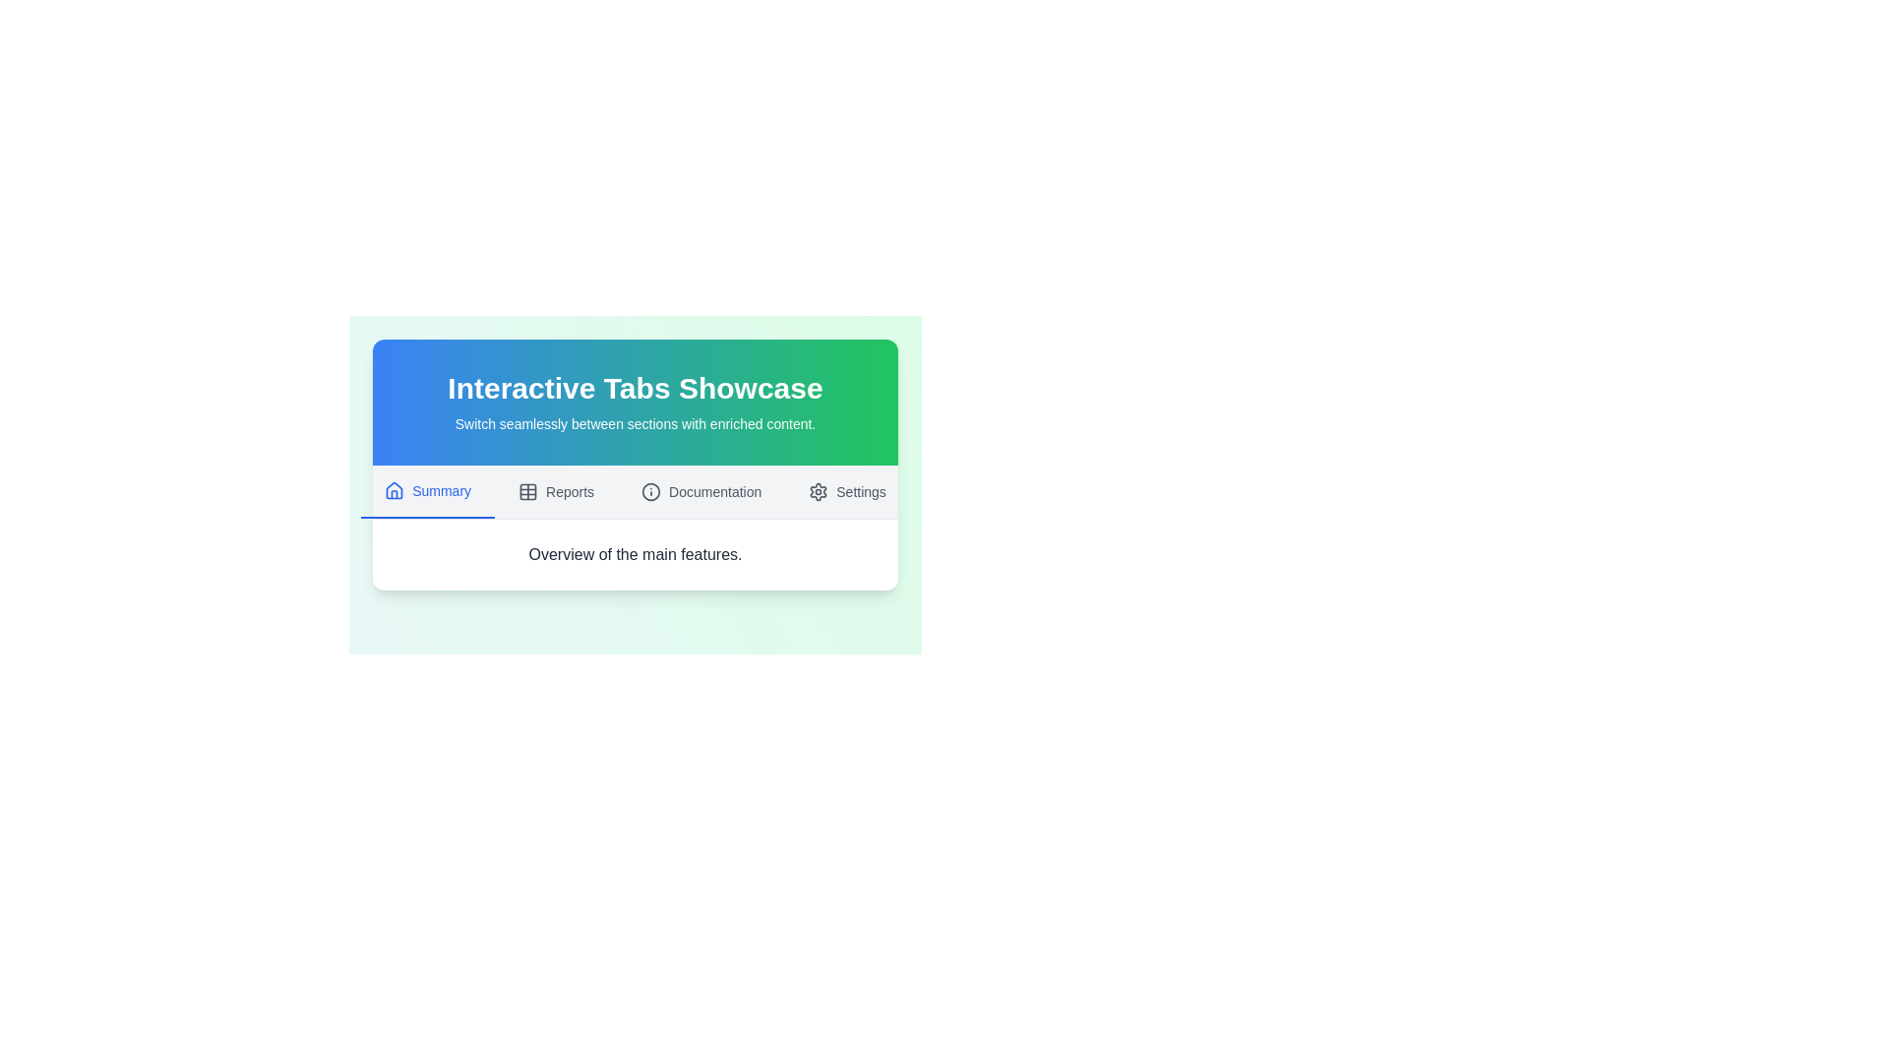 The width and height of the screenshot is (1889, 1063). What do you see at coordinates (847, 491) in the screenshot?
I see `the 'Settings' button located in the far right of the horizontal navigation bar` at bounding box center [847, 491].